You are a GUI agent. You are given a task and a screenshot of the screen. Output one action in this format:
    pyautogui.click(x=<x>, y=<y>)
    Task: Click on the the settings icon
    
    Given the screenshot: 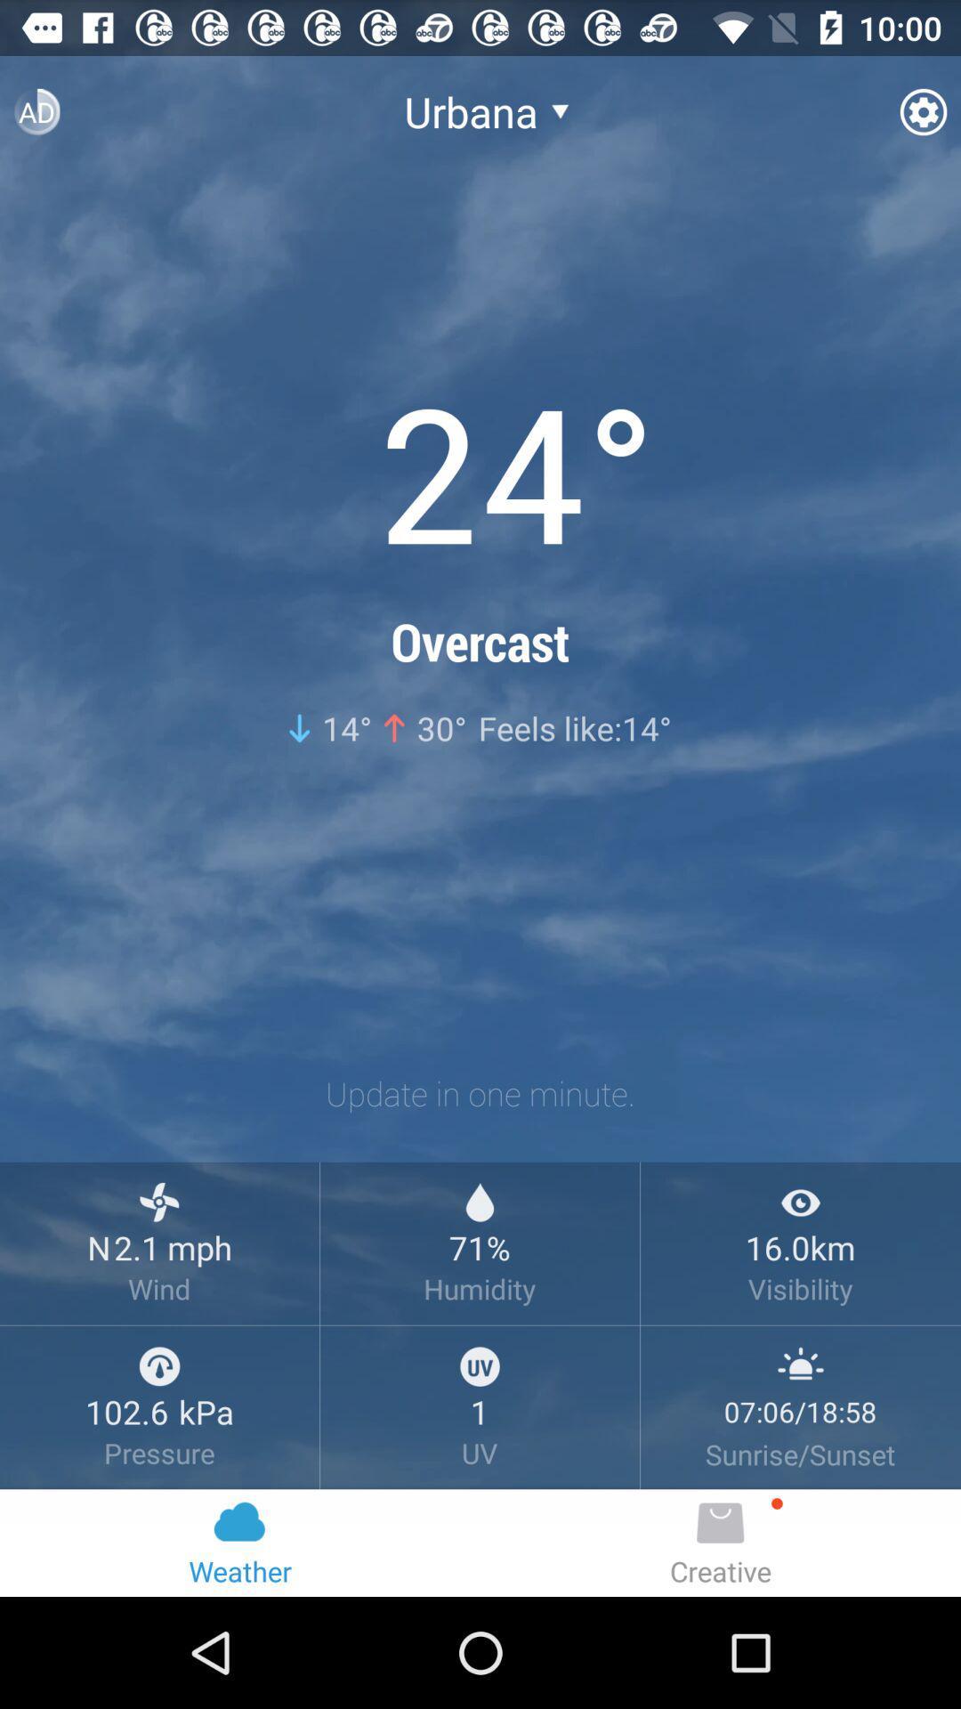 What is the action you would take?
    pyautogui.click(x=922, y=118)
    